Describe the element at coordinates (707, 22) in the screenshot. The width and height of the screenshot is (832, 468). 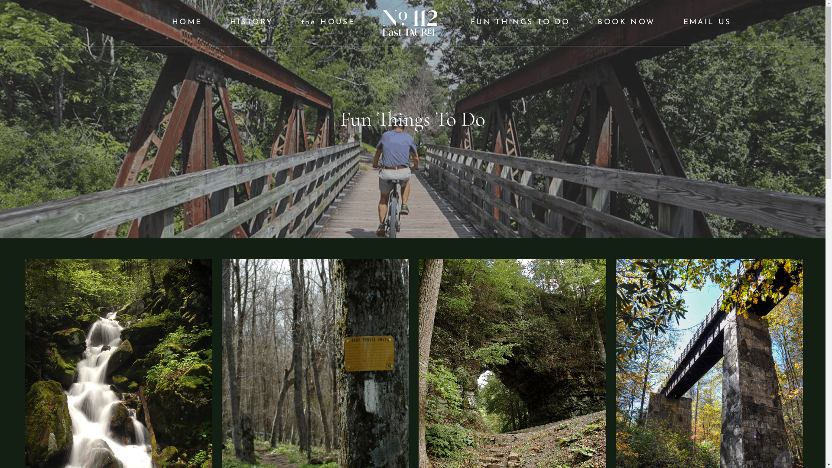
I see `'EMAIL US'` at that location.